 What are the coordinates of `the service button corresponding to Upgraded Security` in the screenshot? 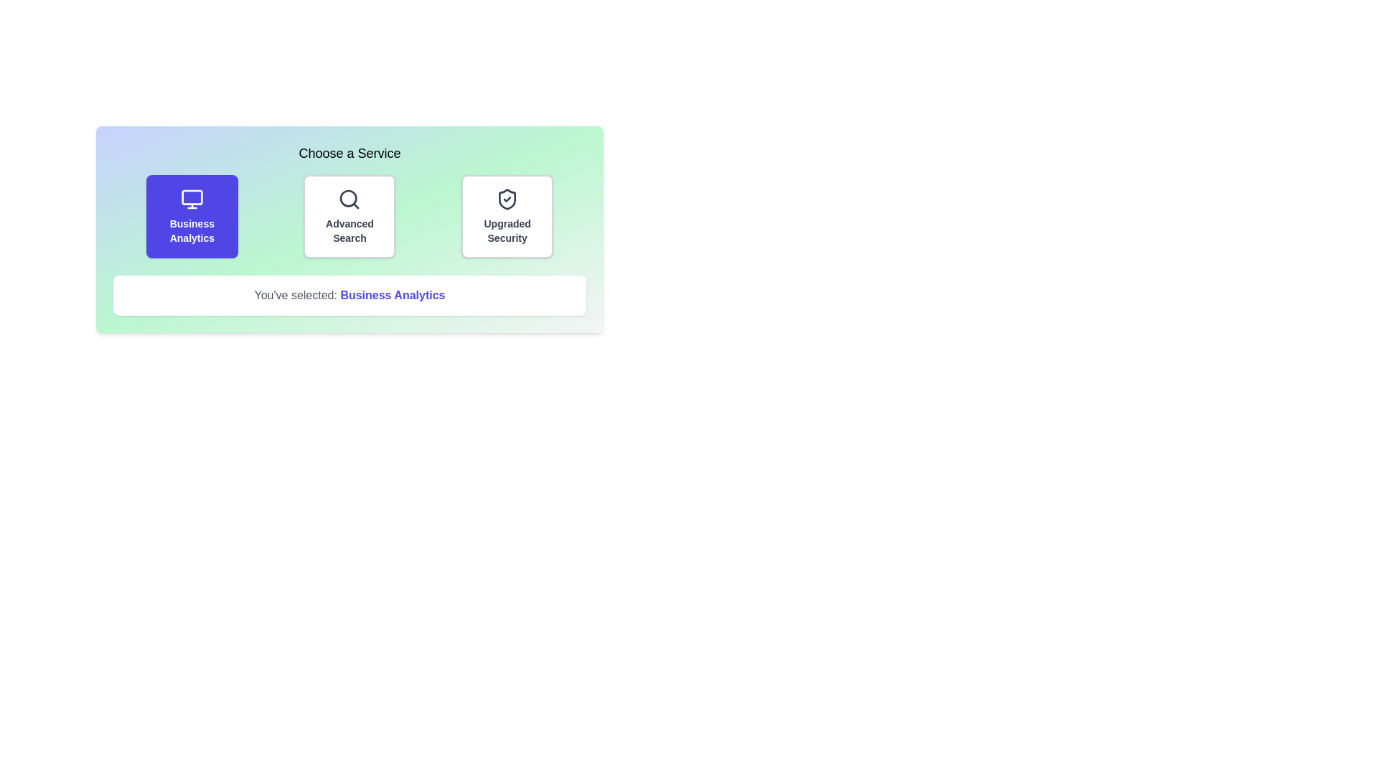 It's located at (507, 216).